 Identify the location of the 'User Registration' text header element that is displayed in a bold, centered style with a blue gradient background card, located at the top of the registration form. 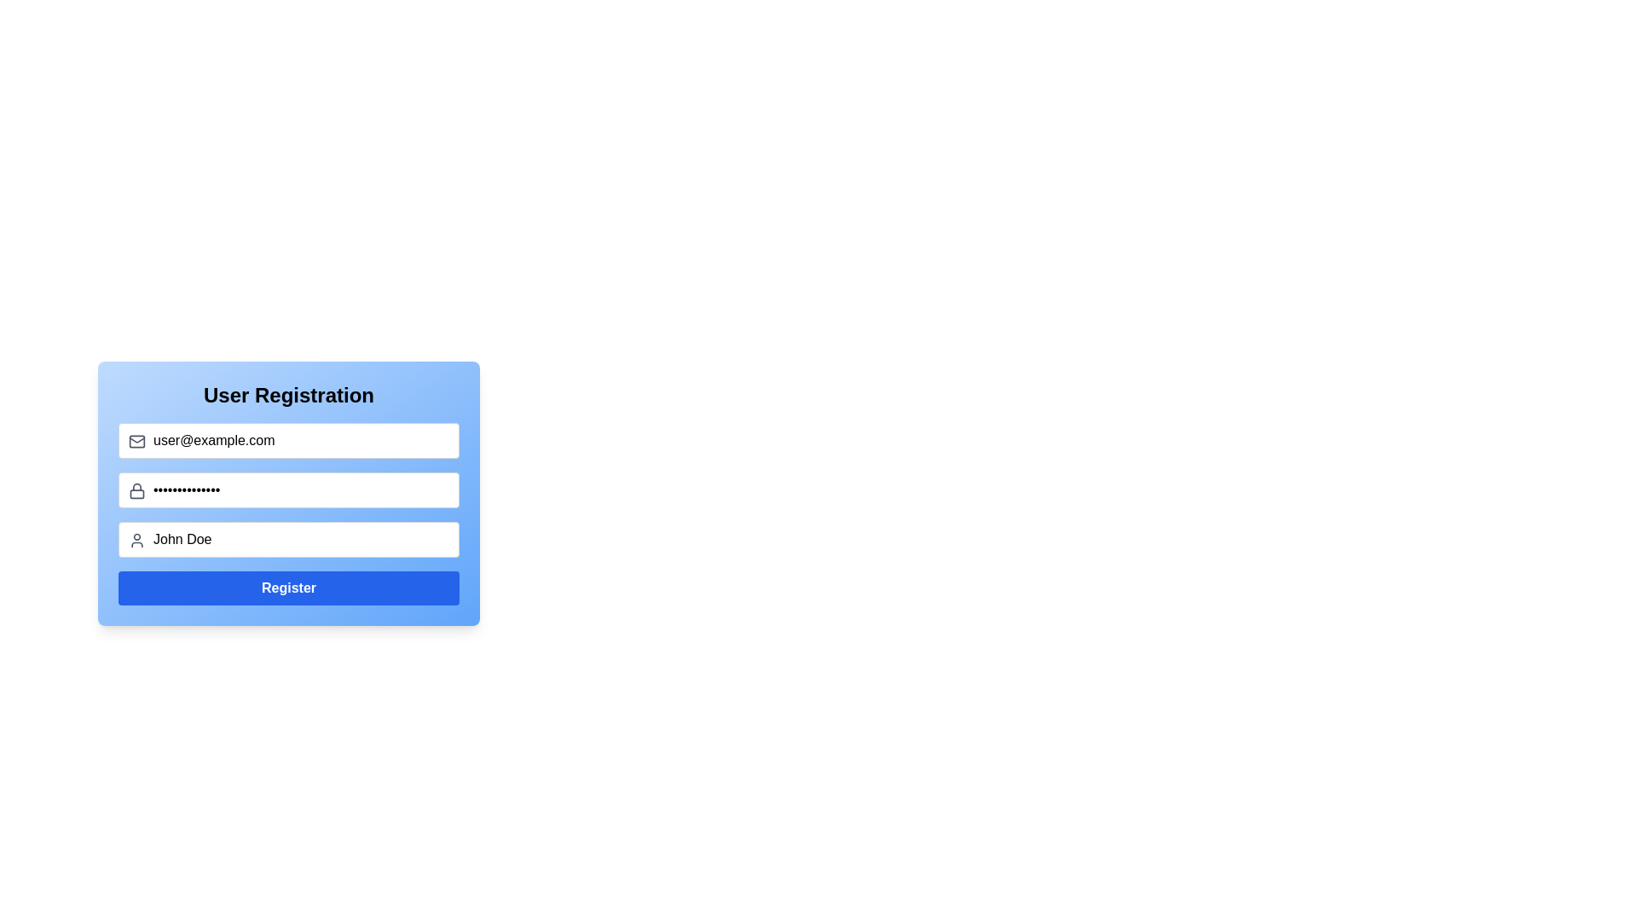
(289, 395).